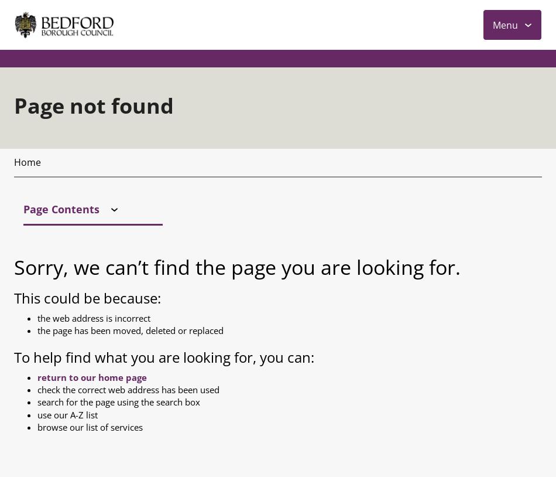 The image size is (556, 477). What do you see at coordinates (37, 140) in the screenshot?
I see `'check the correct web address has been used'` at bounding box center [37, 140].